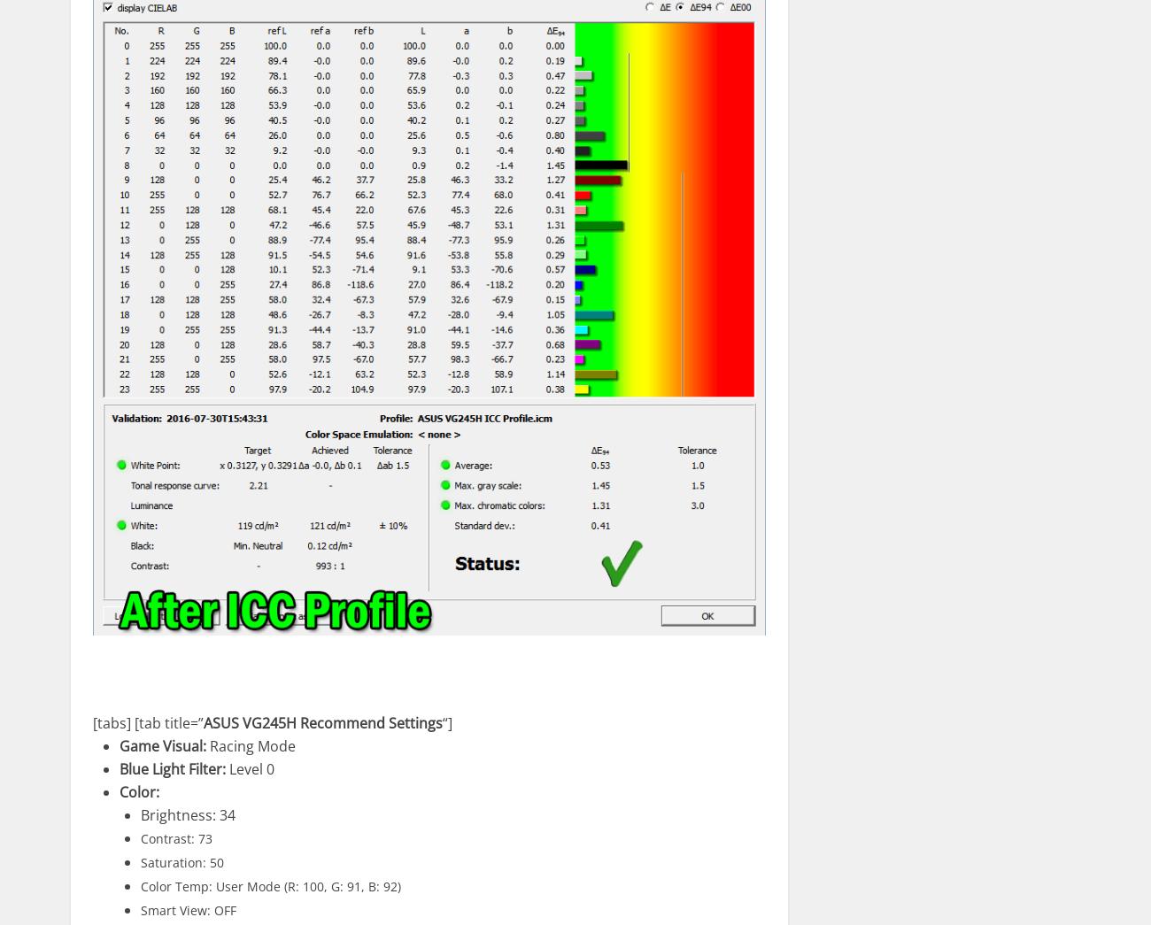 Image resolution: width=1151 pixels, height=925 pixels. I want to click on 'Color Temp: User Mode (R: 100, G: 91, B: 92)', so click(271, 886).